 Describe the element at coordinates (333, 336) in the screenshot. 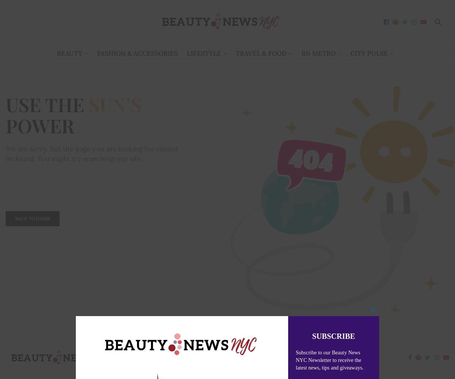

I see `'SUBSCRIBE'` at that location.